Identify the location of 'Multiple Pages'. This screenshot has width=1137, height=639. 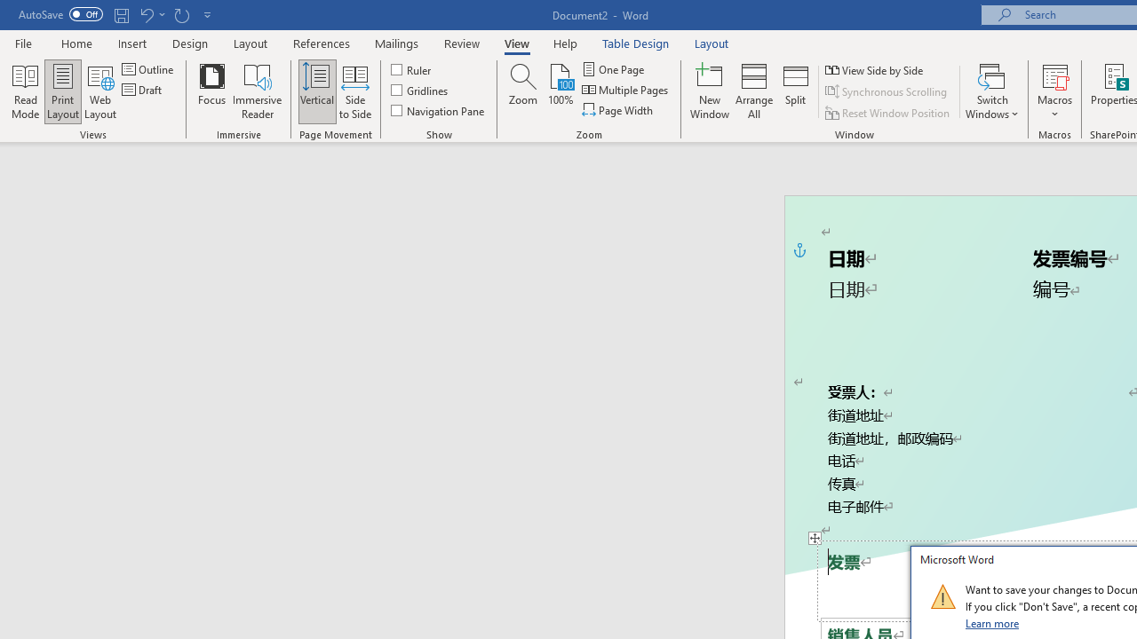
(626, 90).